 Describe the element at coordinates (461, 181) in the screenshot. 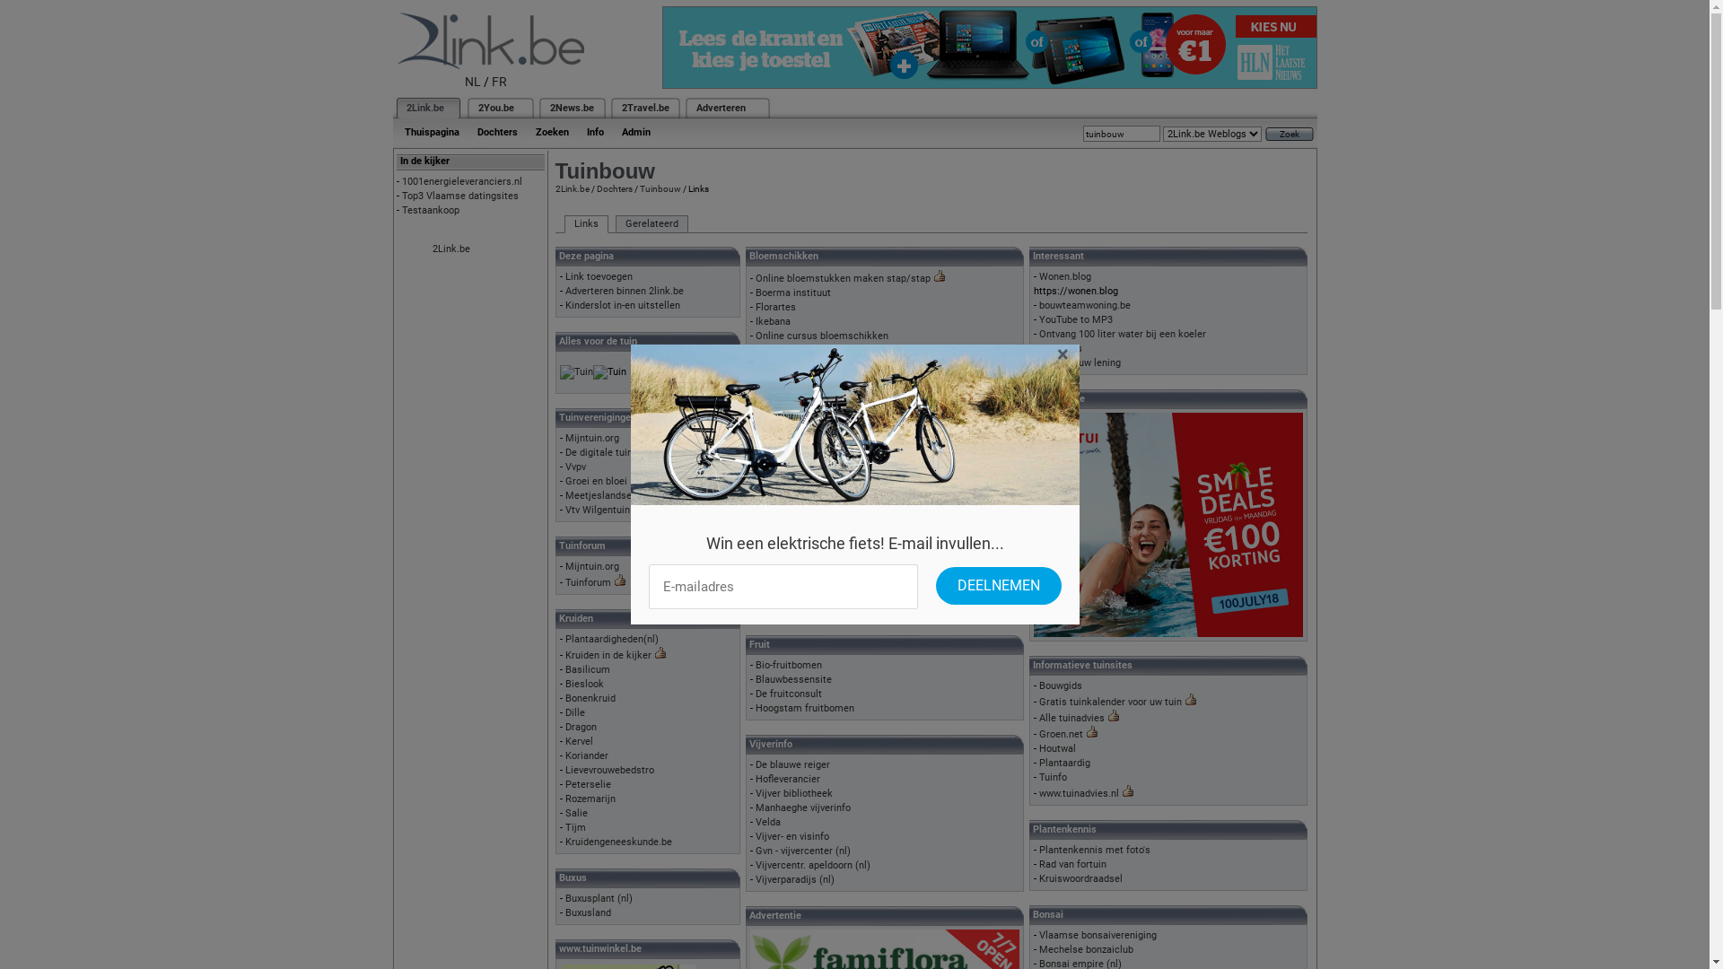

I see `'1001energieleveranciers.nl'` at that location.